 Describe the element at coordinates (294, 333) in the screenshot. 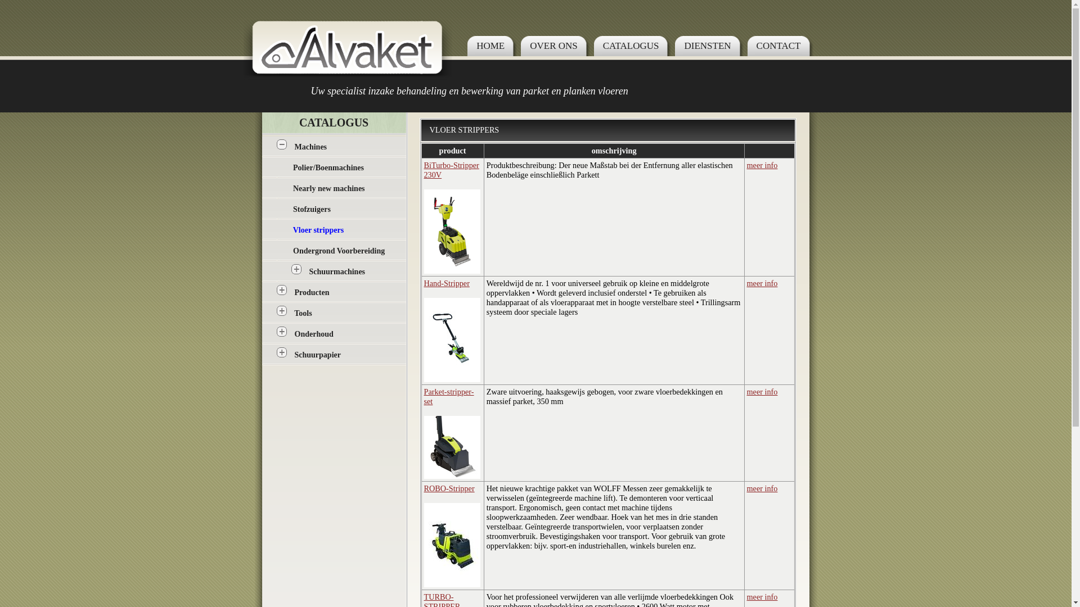

I see `'Onderhoud'` at that location.